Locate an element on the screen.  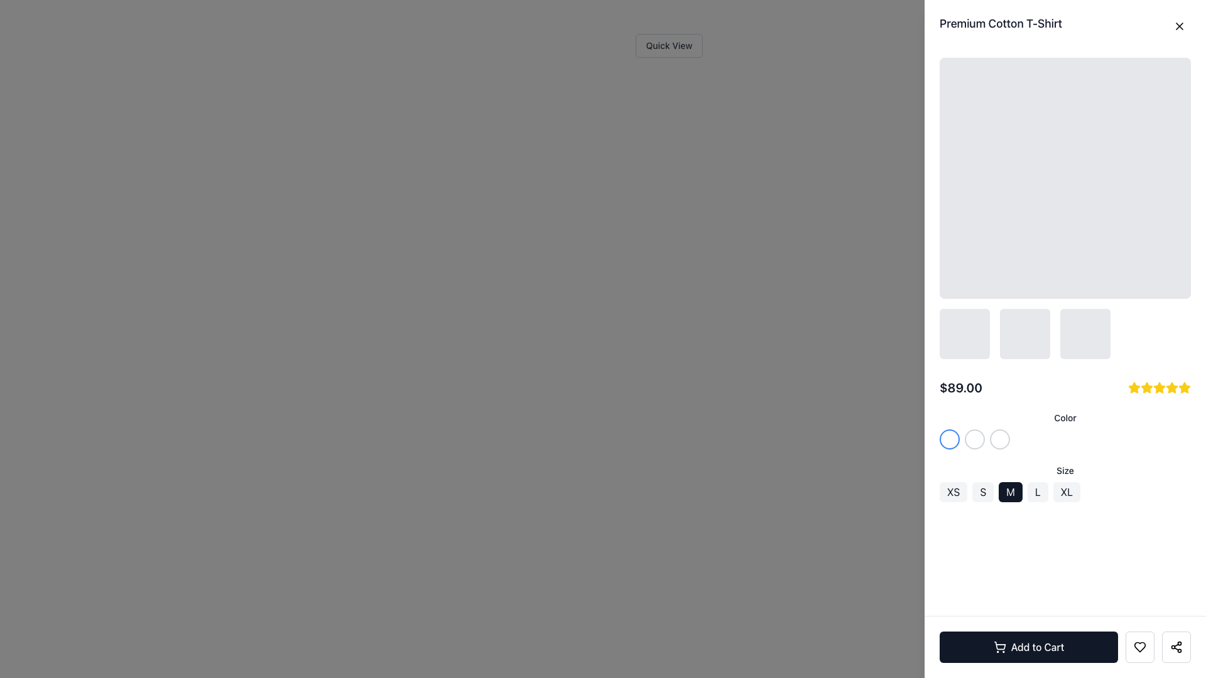
the share icon located in the lower right corner of the interface, adjacent to the heart-shaped icon and following the 'Add to Cart' button is located at coordinates (1175, 647).